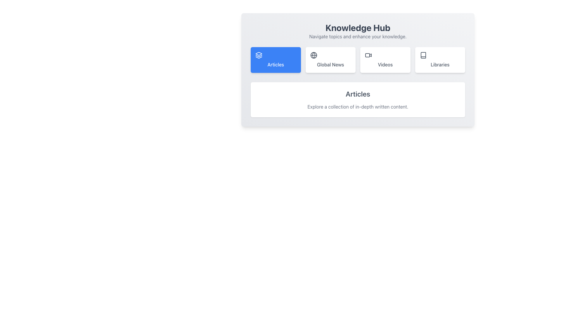 Image resolution: width=561 pixels, height=316 pixels. I want to click on the Graphical Icon (SVG Element) that identifies the 'Libraries' section in the Knowledge Hub panel located at the top-right of the button row, so click(423, 55).